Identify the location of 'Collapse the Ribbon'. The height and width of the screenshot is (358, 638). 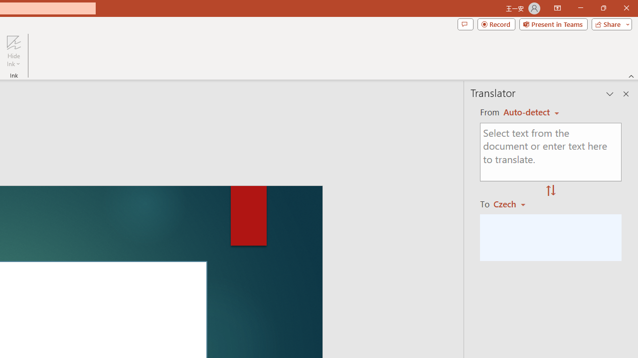
(631, 76).